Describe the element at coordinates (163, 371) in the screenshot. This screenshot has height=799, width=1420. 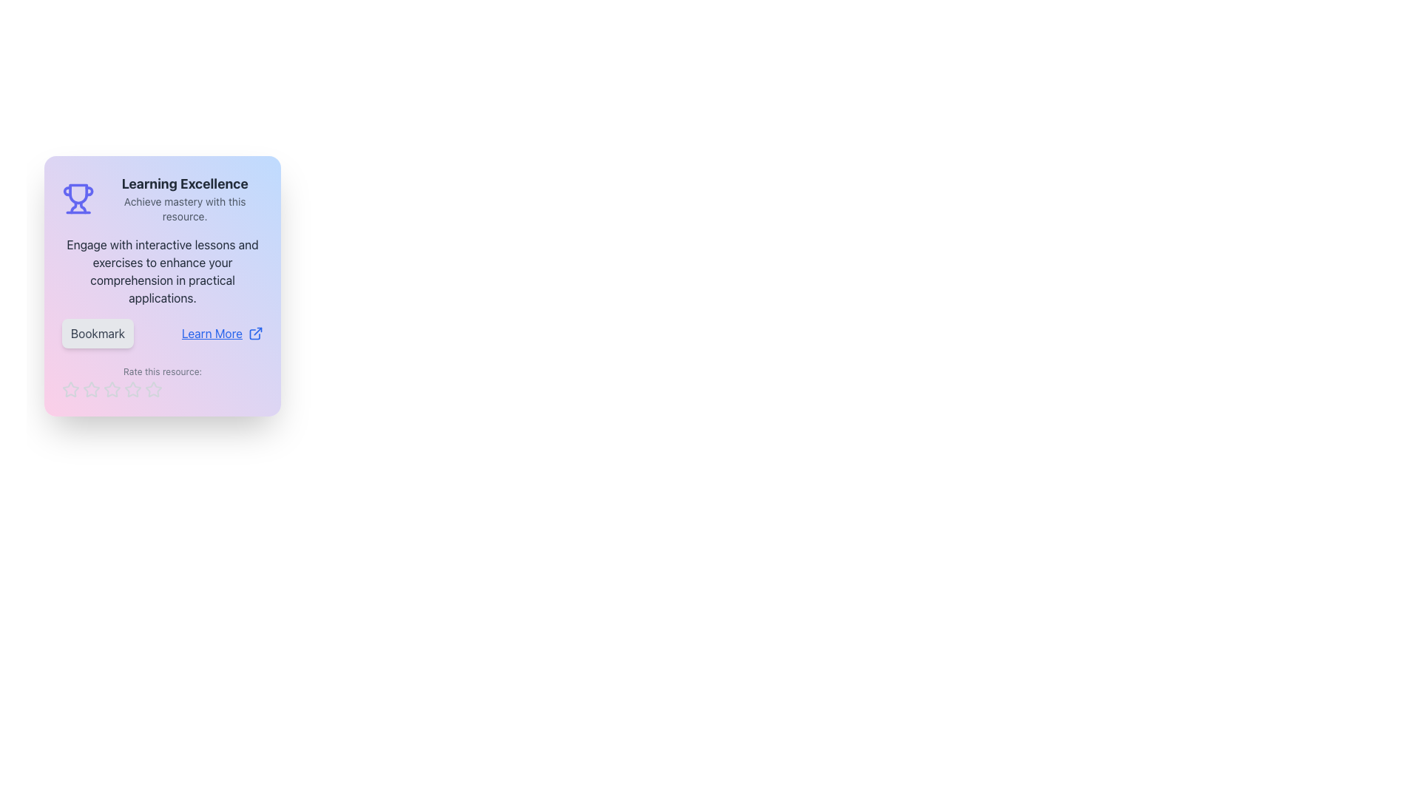
I see `the textual label that instructs users about the purpose of the star icons in the rating component, located at the bottom of the card-like interface` at that location.